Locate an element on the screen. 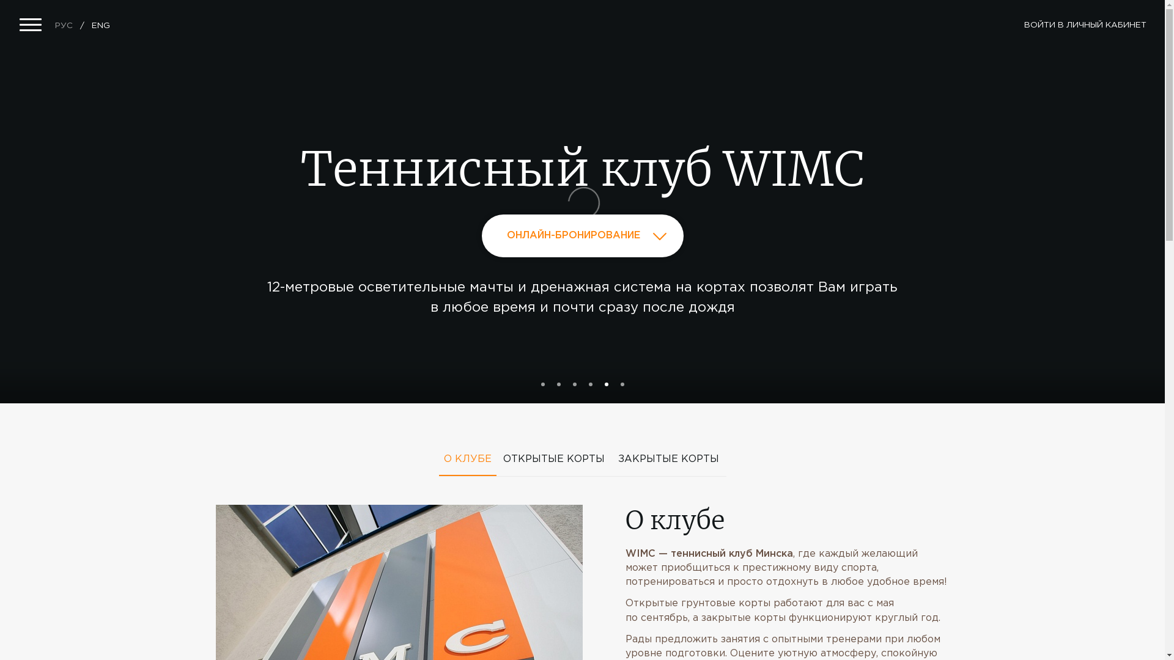 Image resolution: width=1174 pixels, height=660 pixels. 'Prev' is located at coordinates (135, 207).